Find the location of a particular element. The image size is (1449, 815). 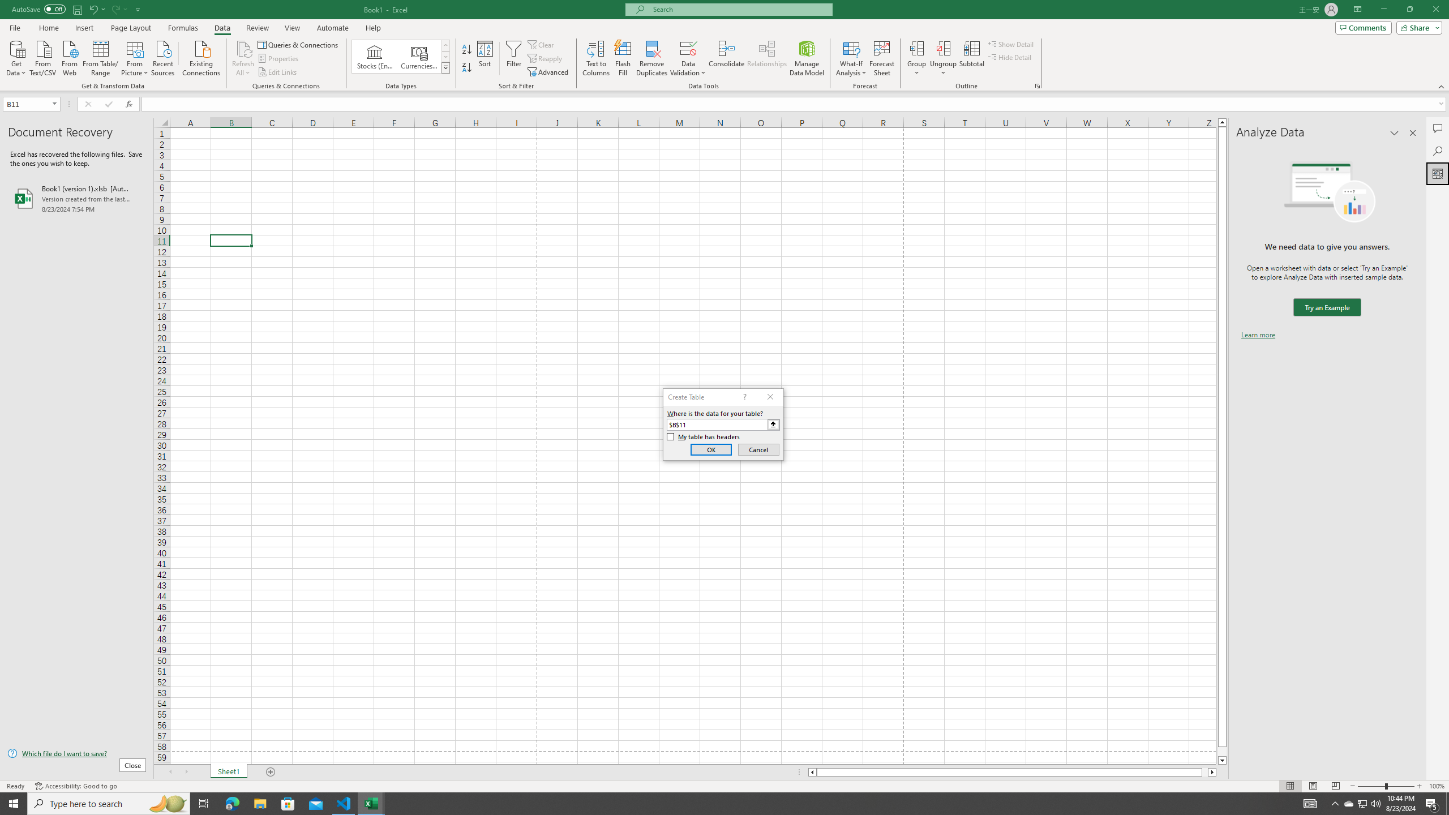

'Clear' is located at coordinates (542, 44).